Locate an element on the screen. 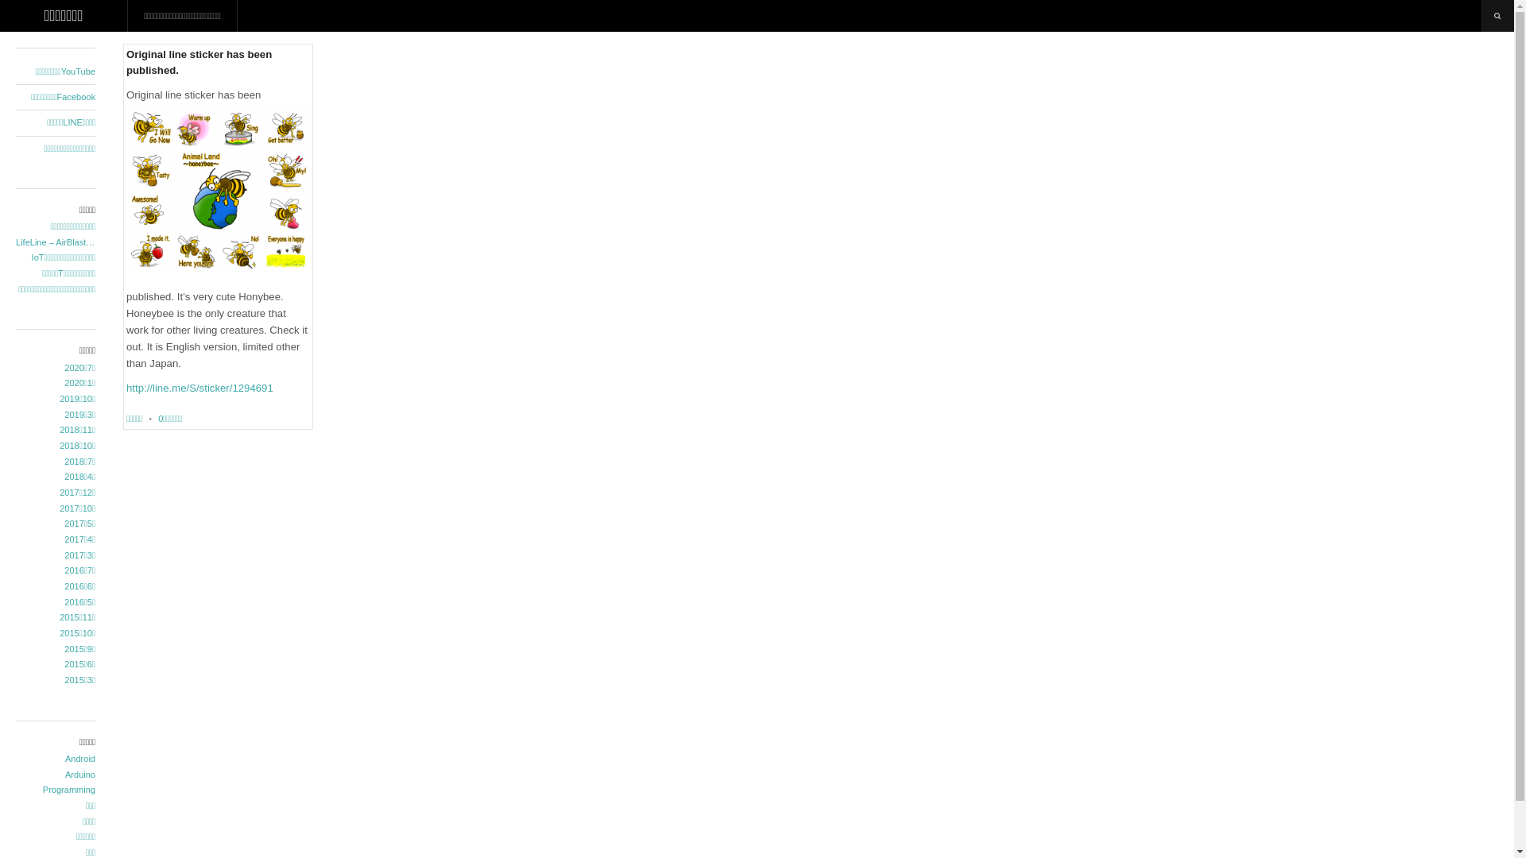 The height and width of the screenshot is (858, 1526). 'Android' is located at coordinates (56, 759).